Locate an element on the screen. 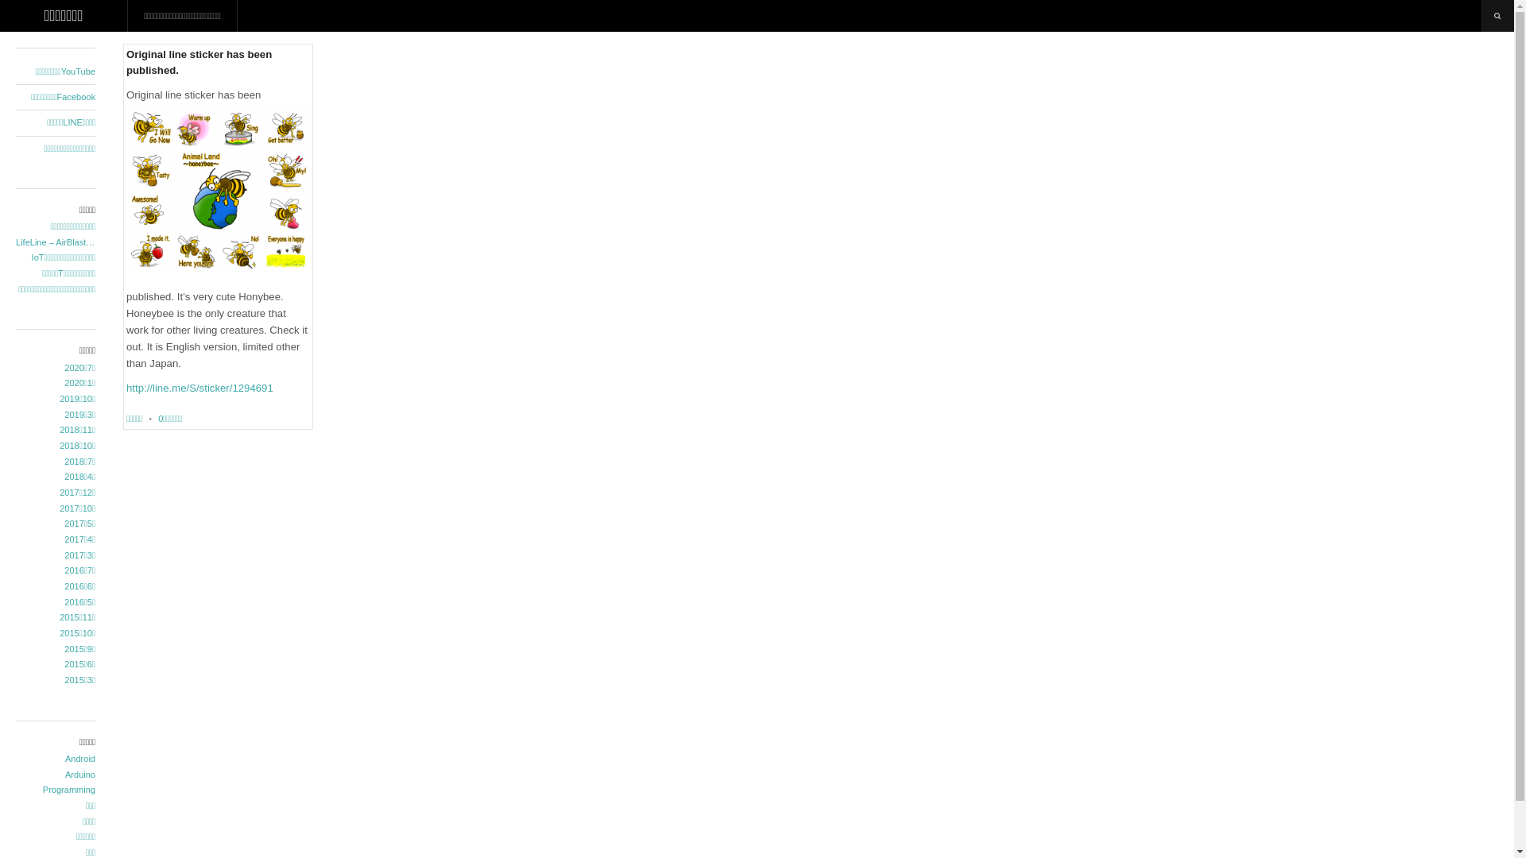 The height and width of the screenshot is (858, 1526). 'Android' is located at coordinates (56, 759).